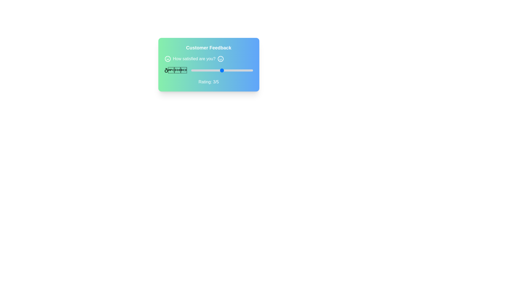 This screenshot has width=505, height=284. Describe the element at coordinates (237, 70) in the screenshot. I see `rating` at that location.